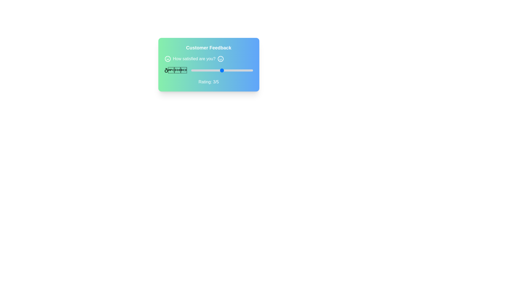 This screenshot has width=505, height=284. Describe the element at coordinates (237, 70) in the screenshot. I see `rating` at that location.